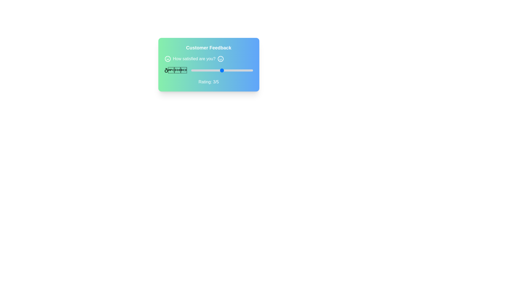 This screenshot has width=505, height=284. Describe the element at coordinates (237, 70) in the screenshot. I see `rating` at that location.